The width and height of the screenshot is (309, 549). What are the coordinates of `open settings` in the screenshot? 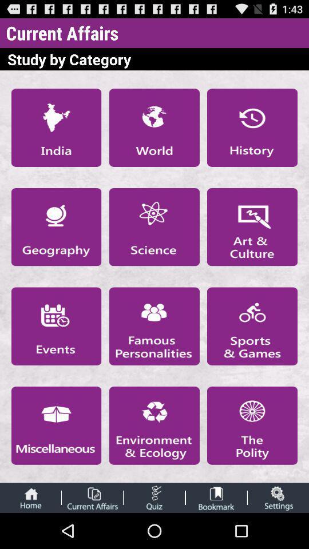 It's located at (278, 497).